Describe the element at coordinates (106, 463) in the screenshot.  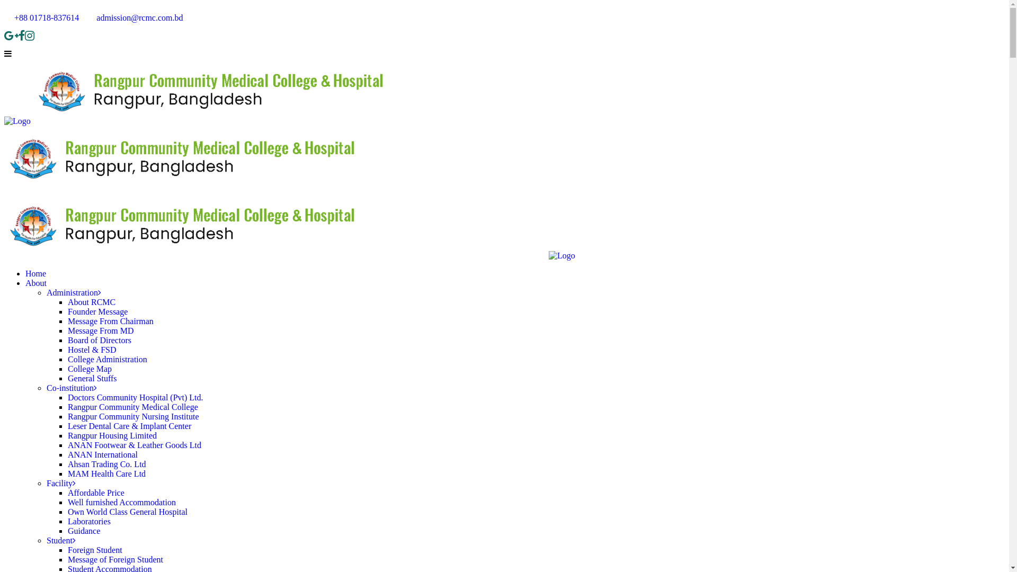
I see `'Ahsan Trading Co. Ltd'` at that location.